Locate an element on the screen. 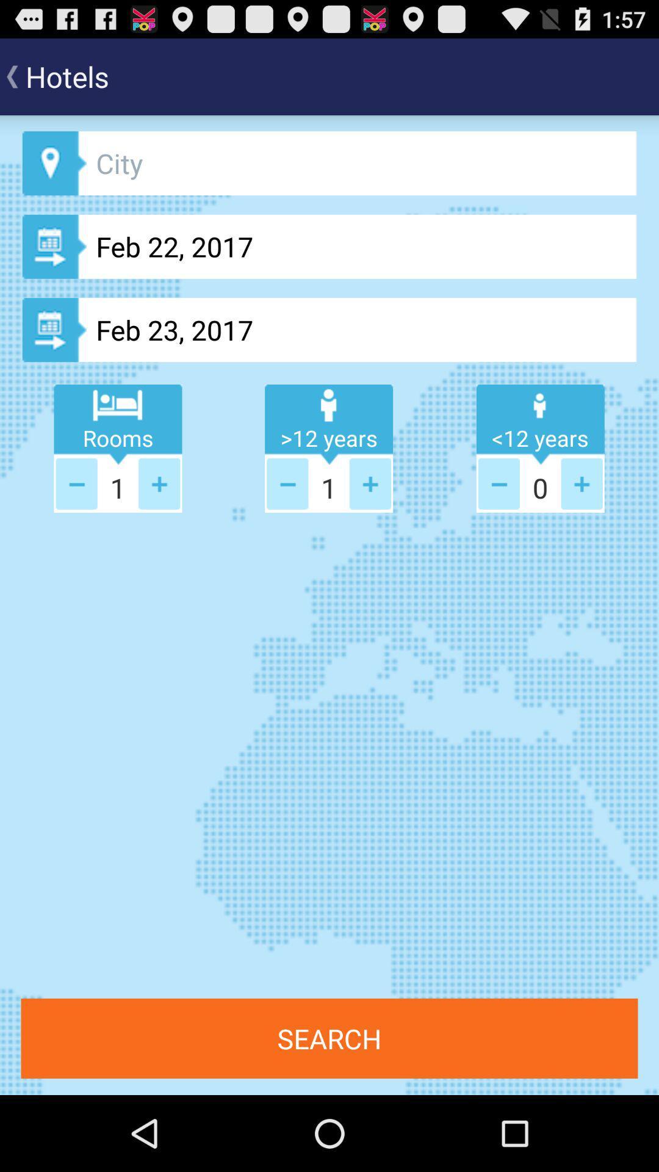 Image resolution: width=659 pixels, height=1172 pixels. reduce is located at coordinates (499, 483).